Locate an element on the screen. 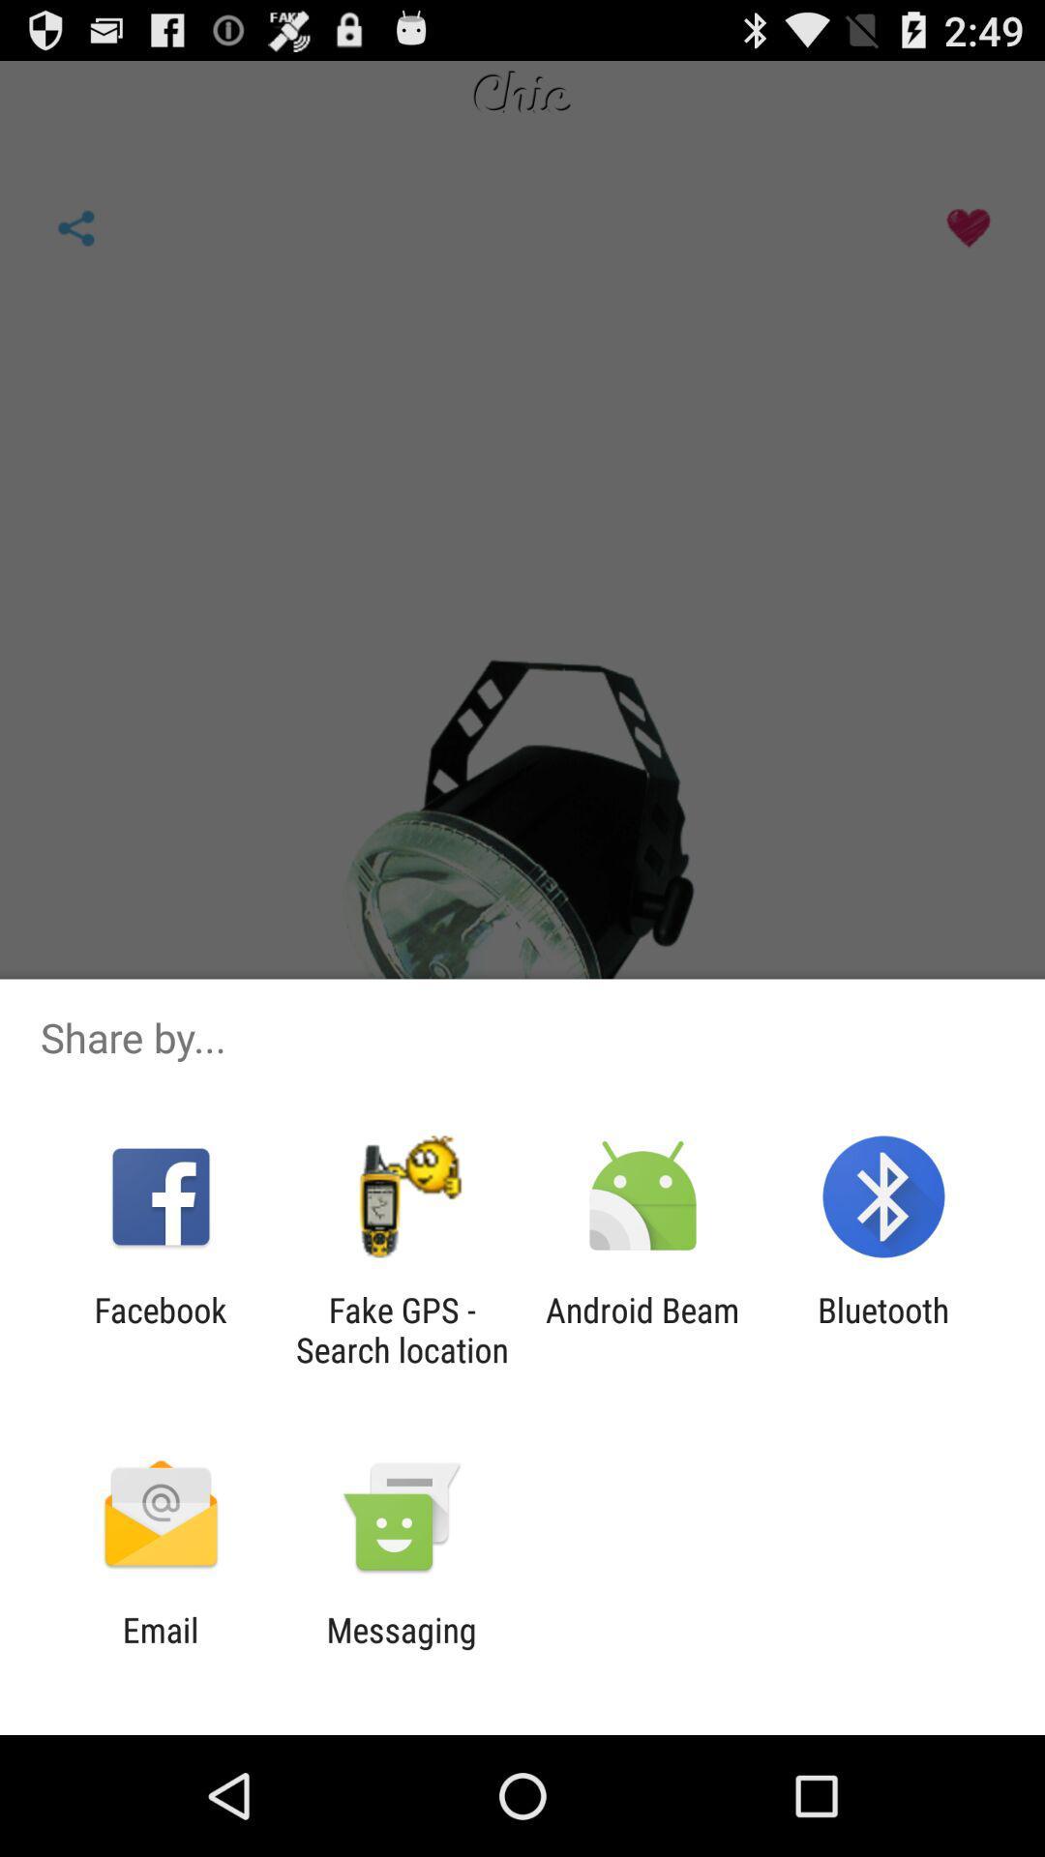 The width and height of the screenshot is (1045, 1857). the item next to the fake gps search item is located at coordinates (642, 1329).